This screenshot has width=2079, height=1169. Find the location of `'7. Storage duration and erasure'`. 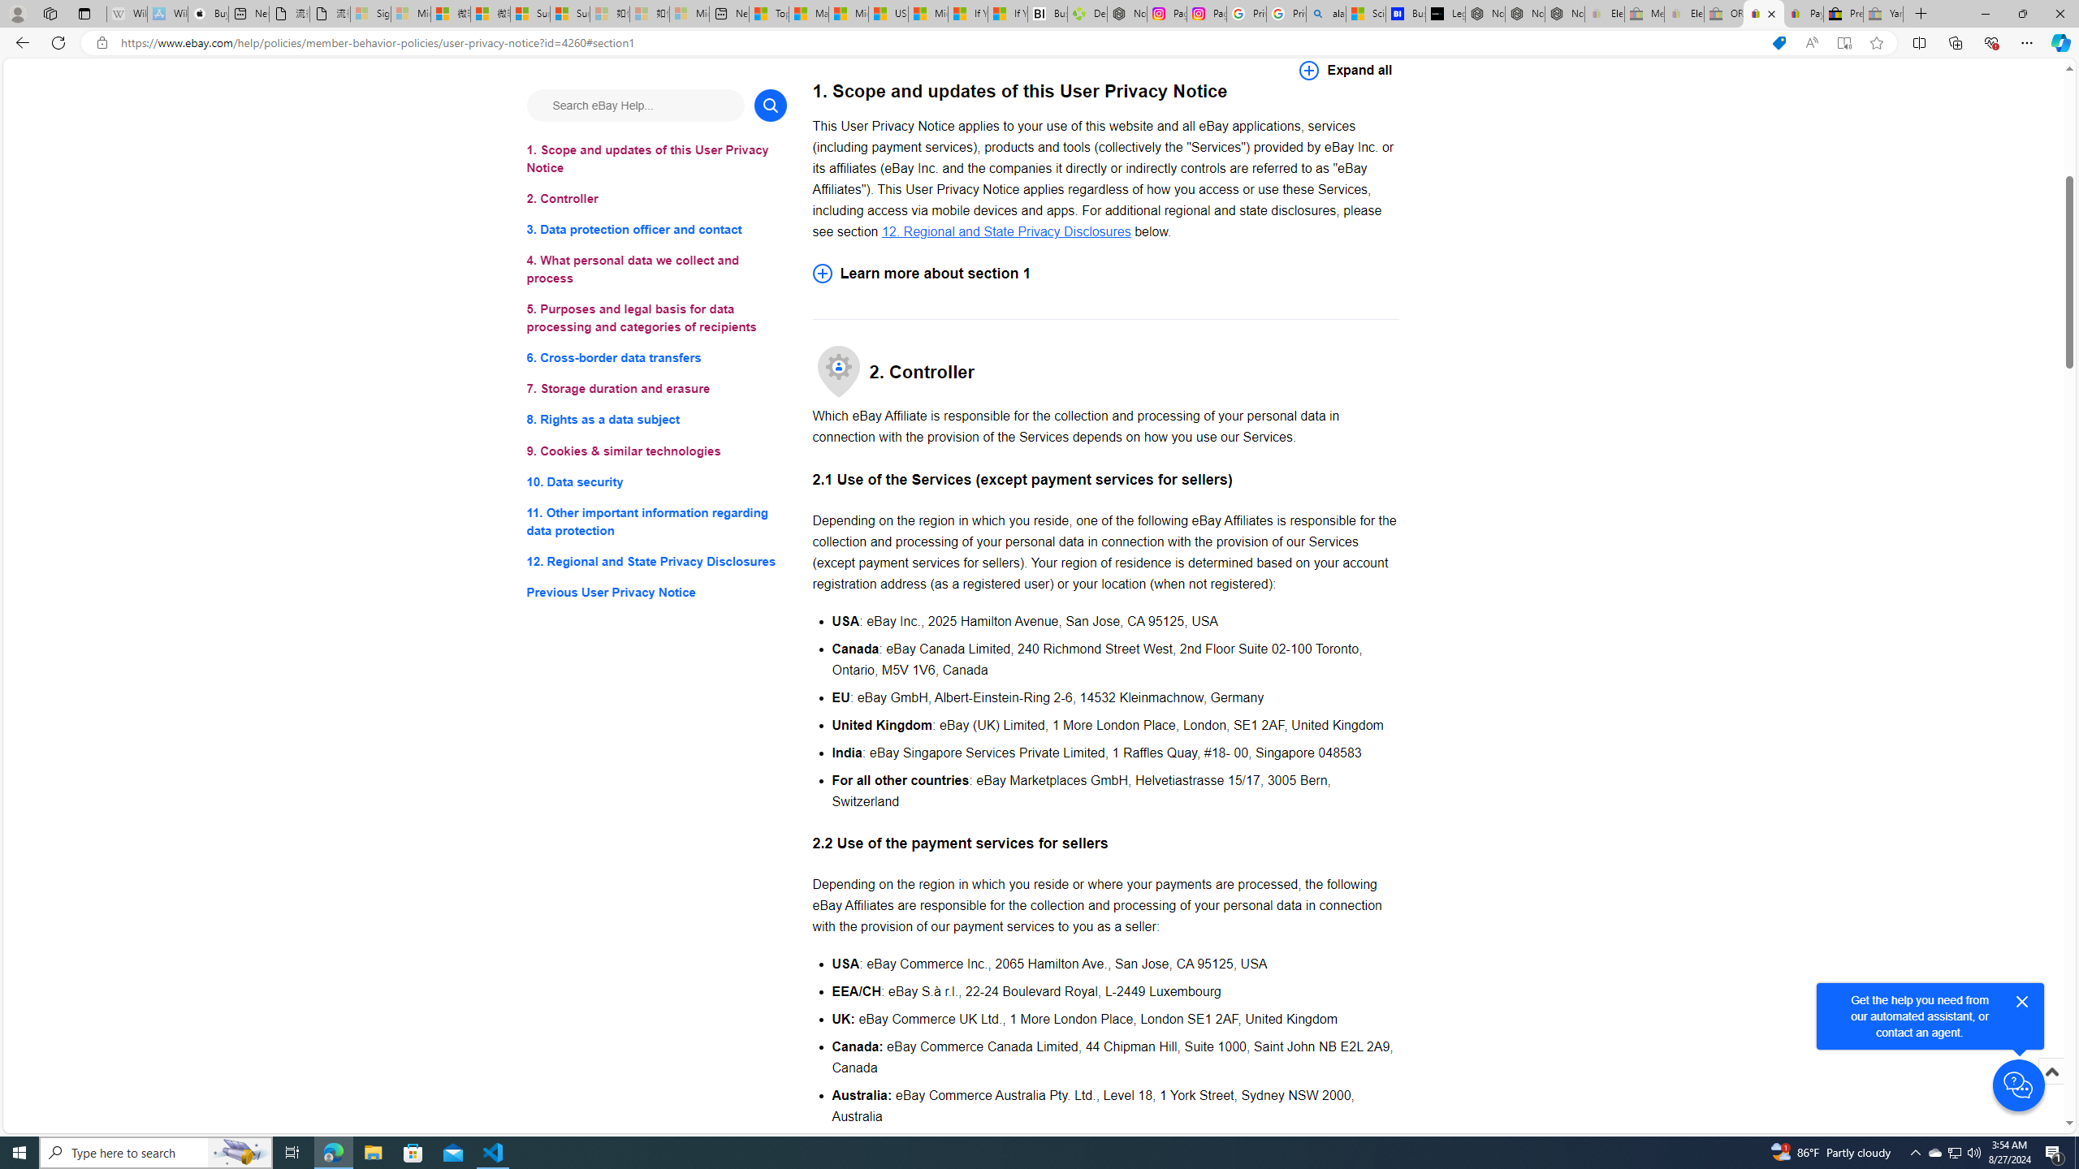

'7. Storage duration and erasure' is located at coordinates (655, 388).